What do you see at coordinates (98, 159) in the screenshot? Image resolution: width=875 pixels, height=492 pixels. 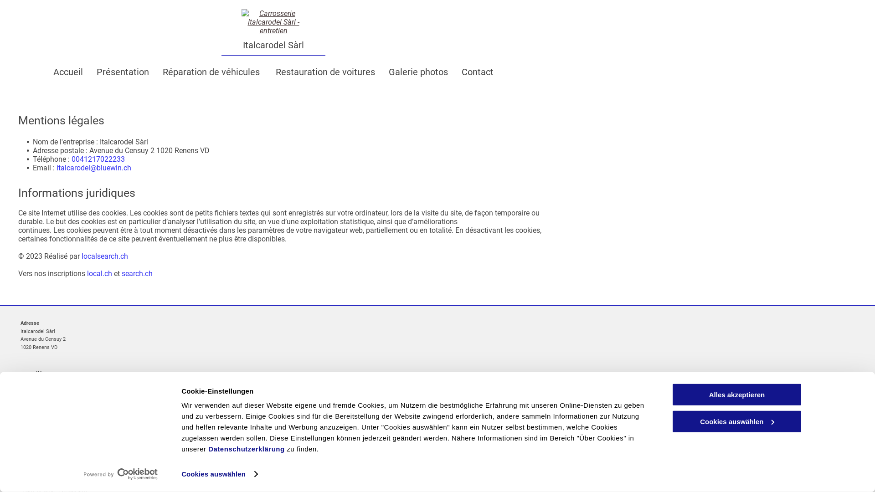 I see `'0041217022233'` at bounding box center [98, 159].